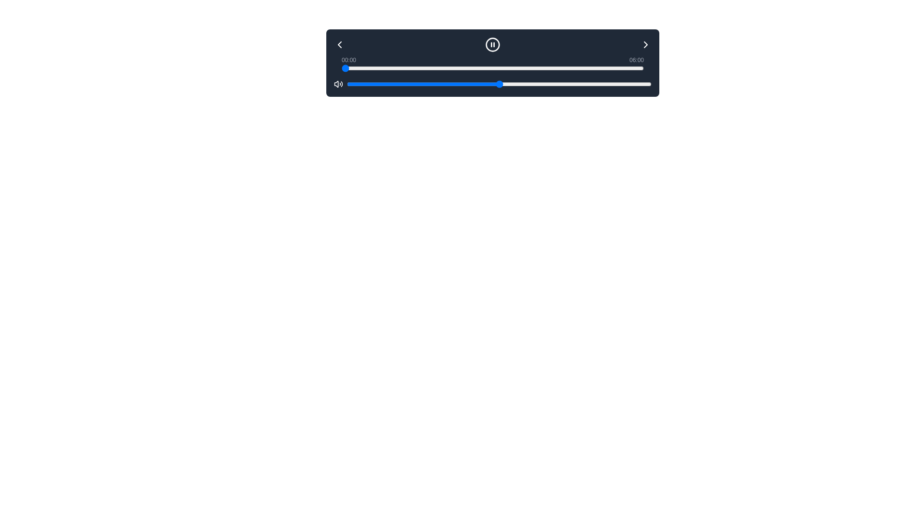 This screenshot has height=520, width=924. Describe the element at coordinates (438, 83) in the screenshot. I see `volume` at that location.